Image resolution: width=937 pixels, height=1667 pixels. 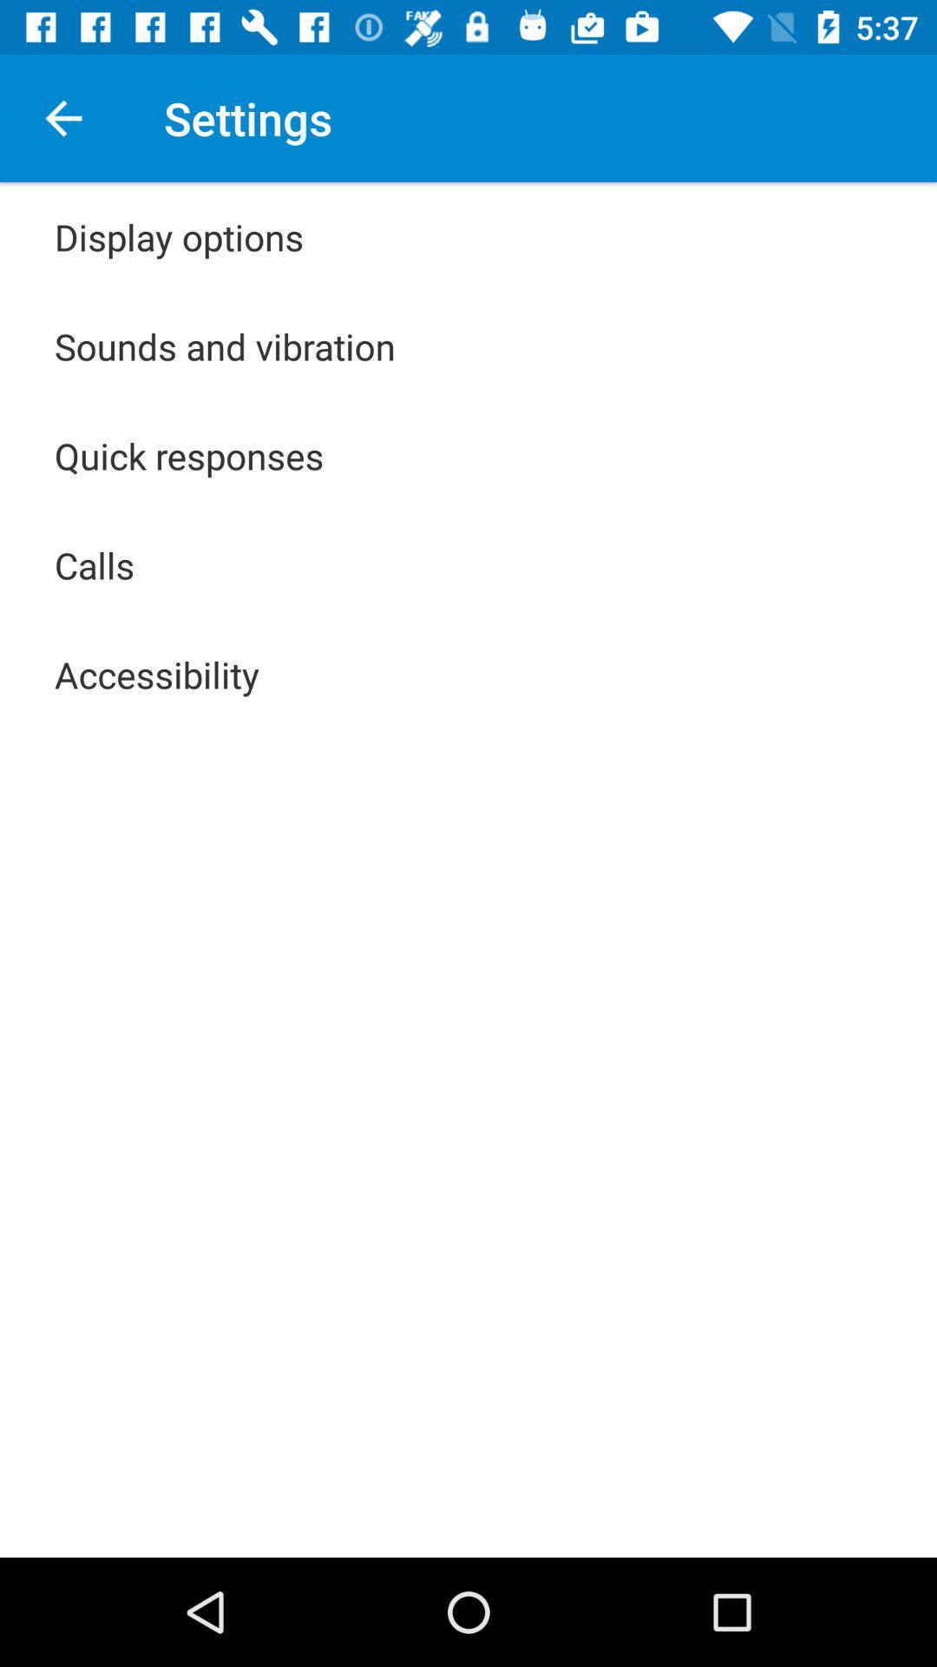 What do you see at coordinates (62, 117) in the screenshot?
I see `the icon above display options icon` at bounding box center [62, 117].